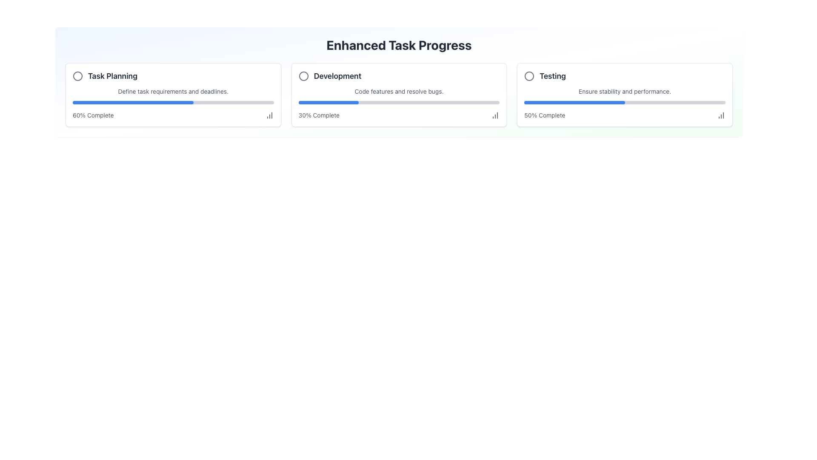 The width and height of the screenshot is (817, 460). What do you see at coordinates (318, 115) in the screenshot?
I see `the progress percentage Text Label located at the bottom-right of the 'Development' card, just below the associated progress bar` at bounding box center [318, 115].